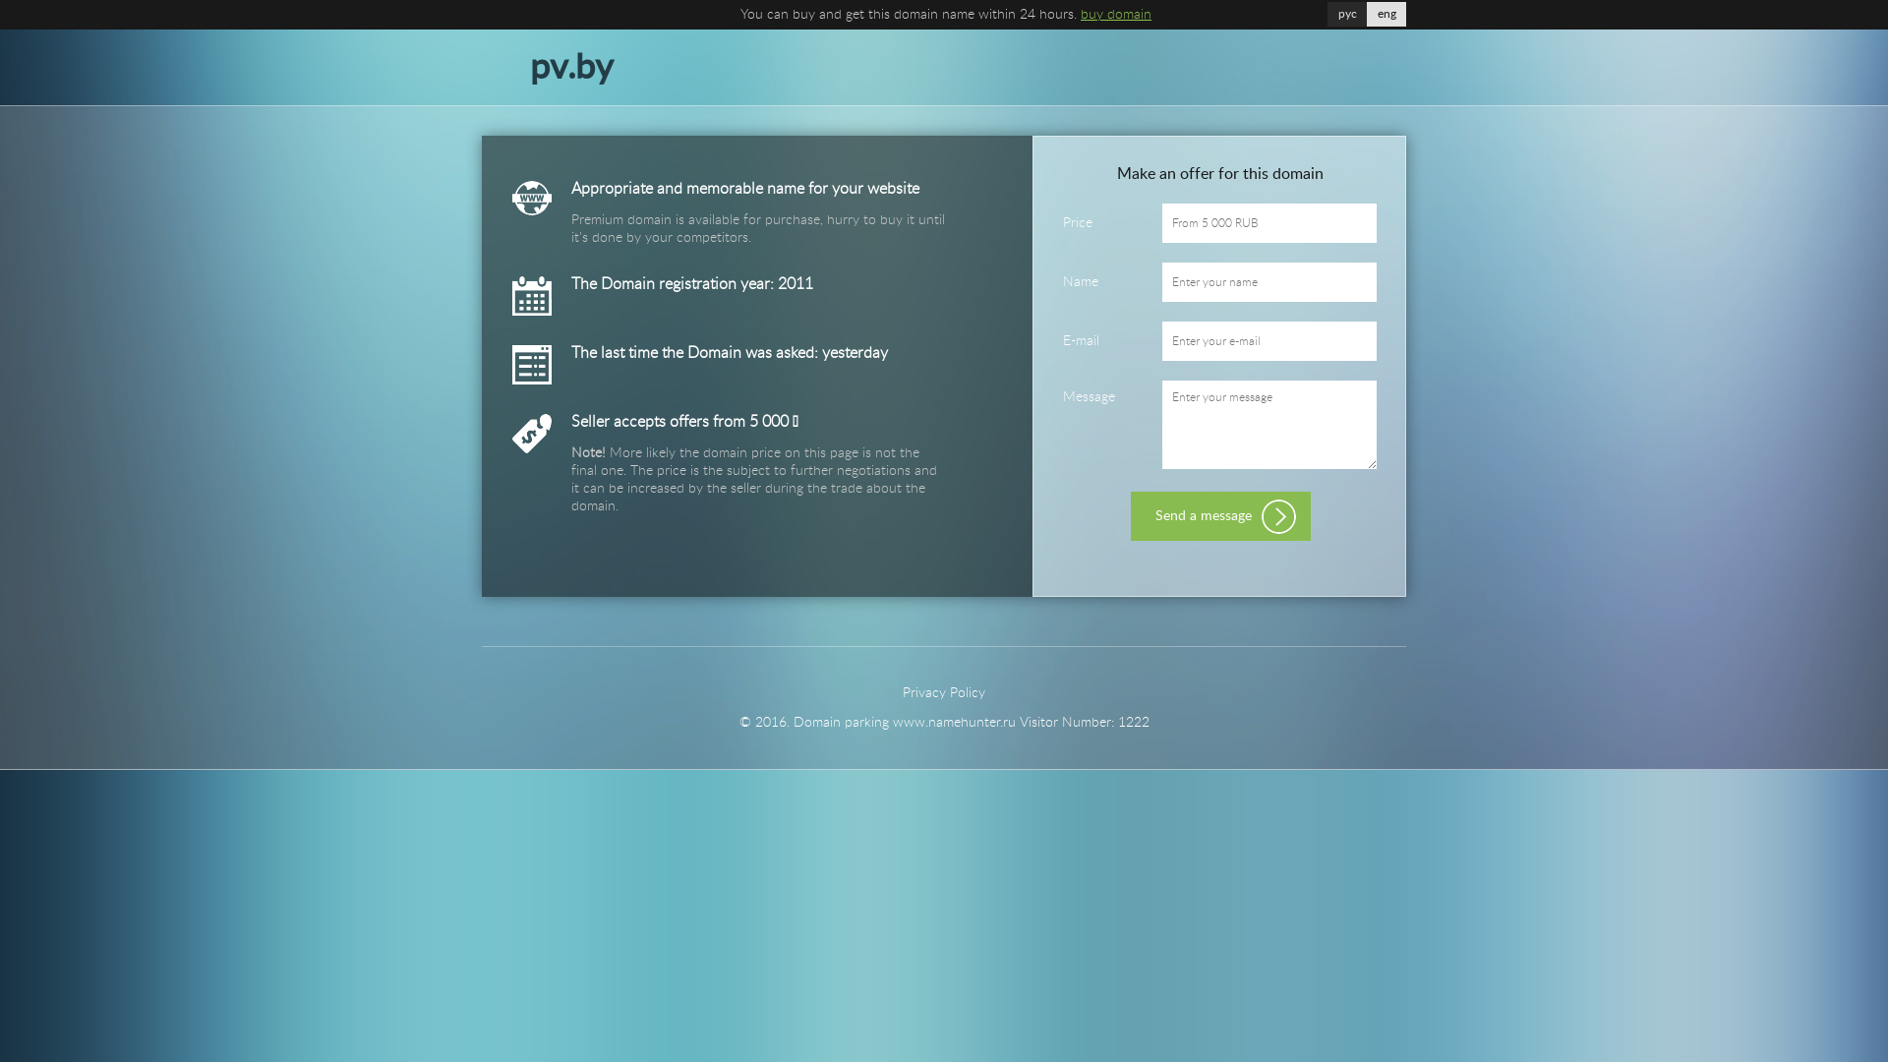 This screenshot has width=1888, height=1062. I want to click on 'Privacy Policy', so click(901, 692).